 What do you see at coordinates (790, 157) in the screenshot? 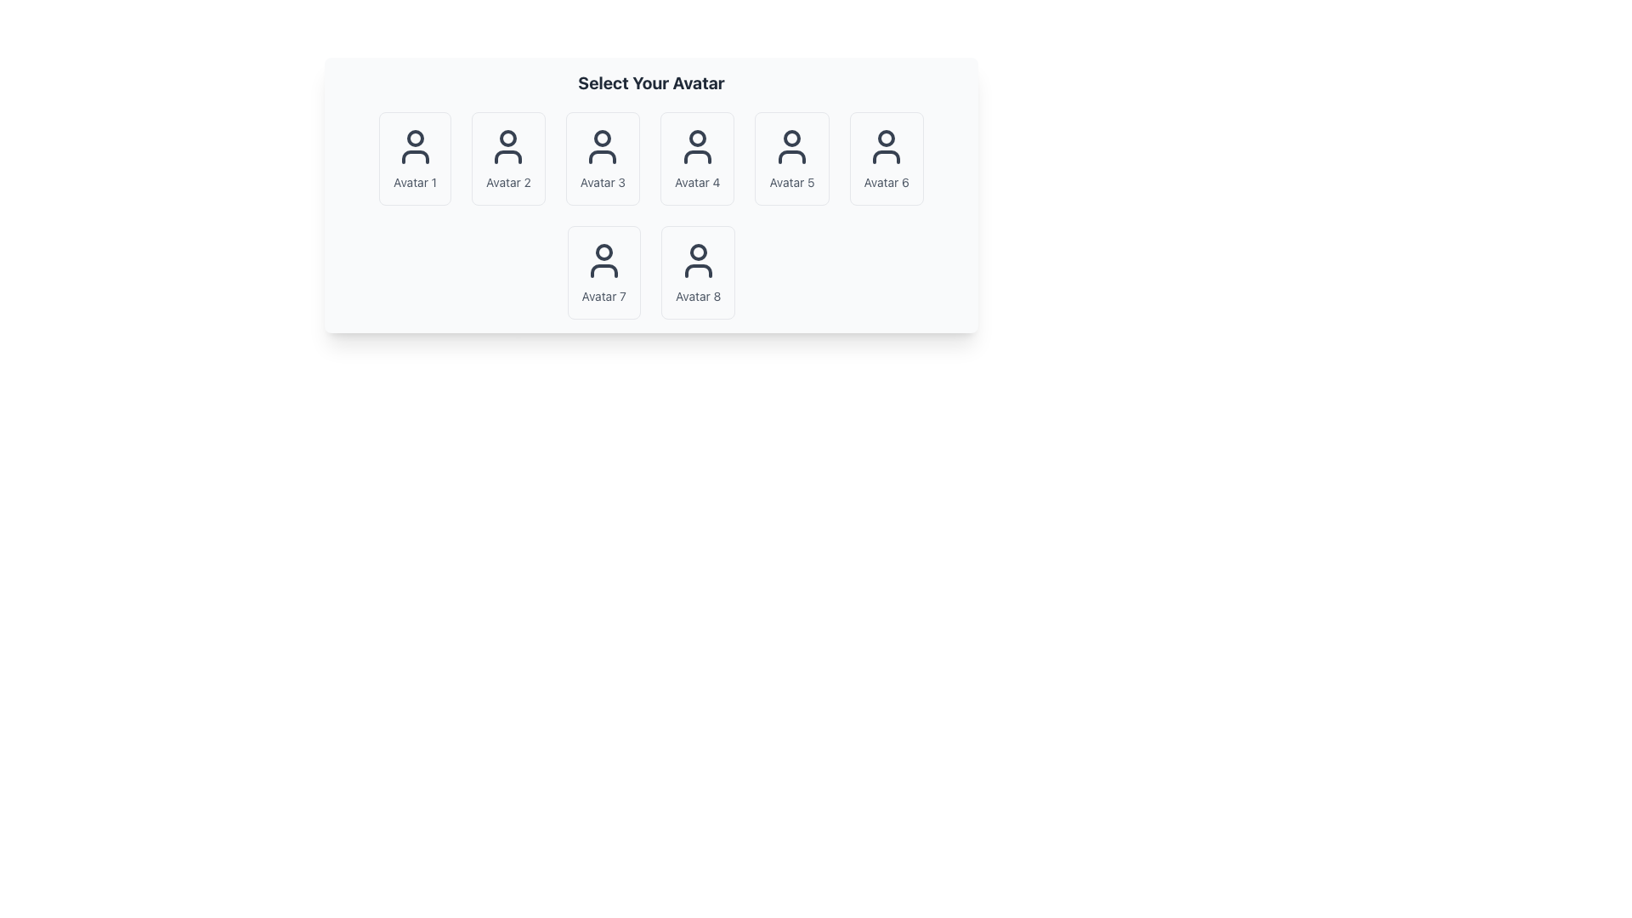
I see `the curved geometric line forming the shoulders of the user icon, which is the fifth avatar in the grid under 'Select Your Avatar'` at bounding box center [790, 157].